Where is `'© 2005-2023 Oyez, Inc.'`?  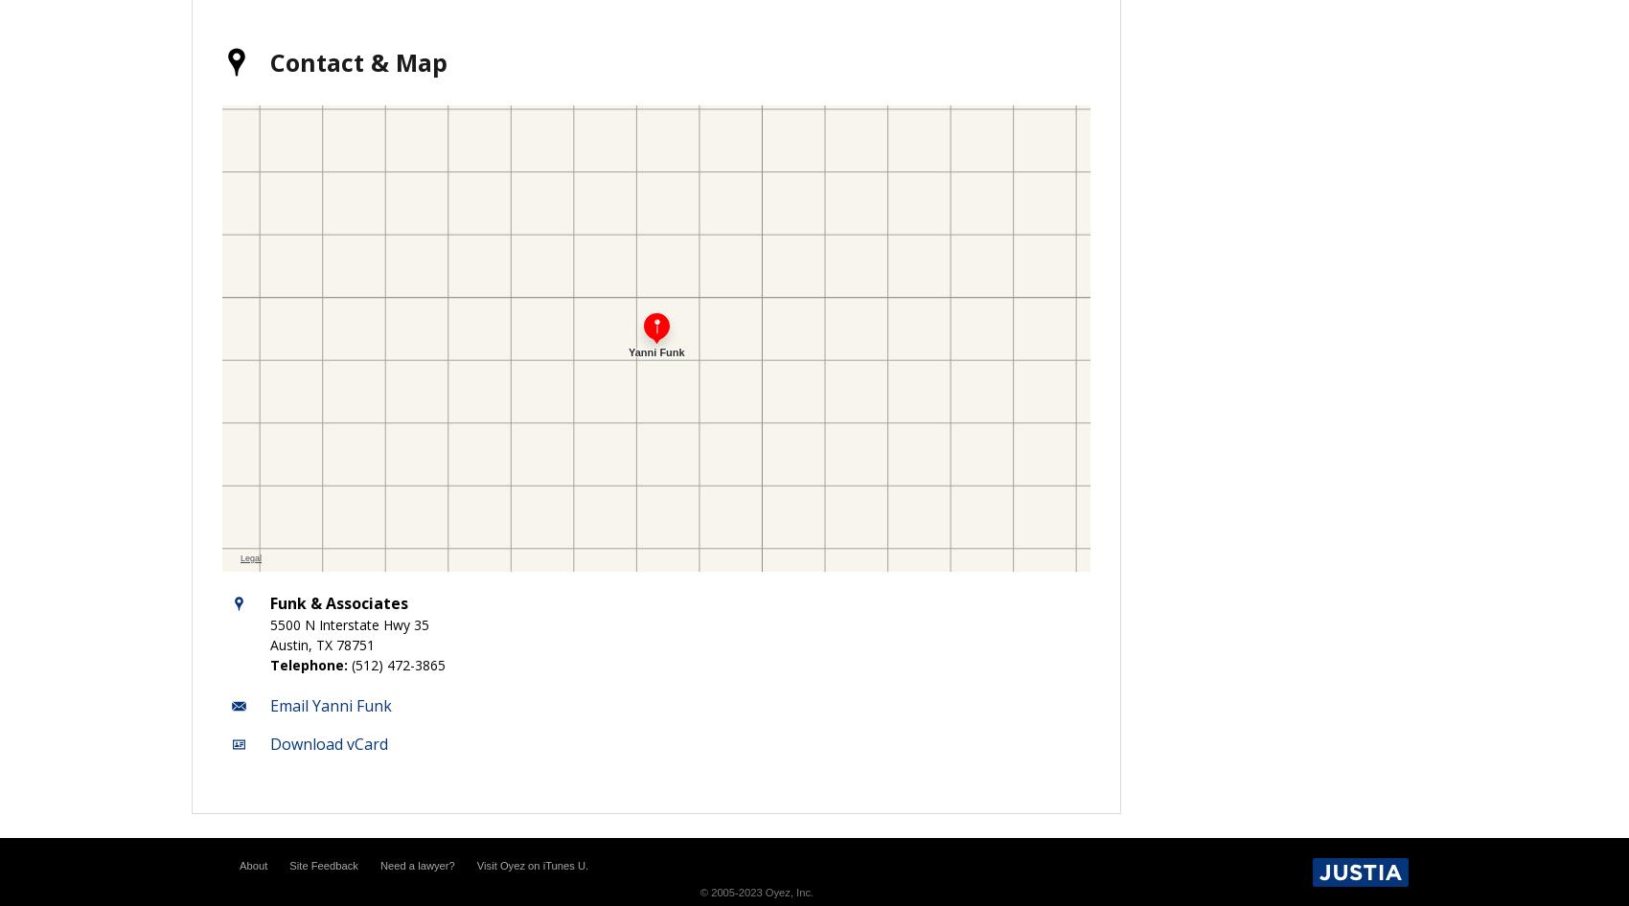
'© 2005-2023 Oyez, Inc.' is located at coordinates (755, 890).